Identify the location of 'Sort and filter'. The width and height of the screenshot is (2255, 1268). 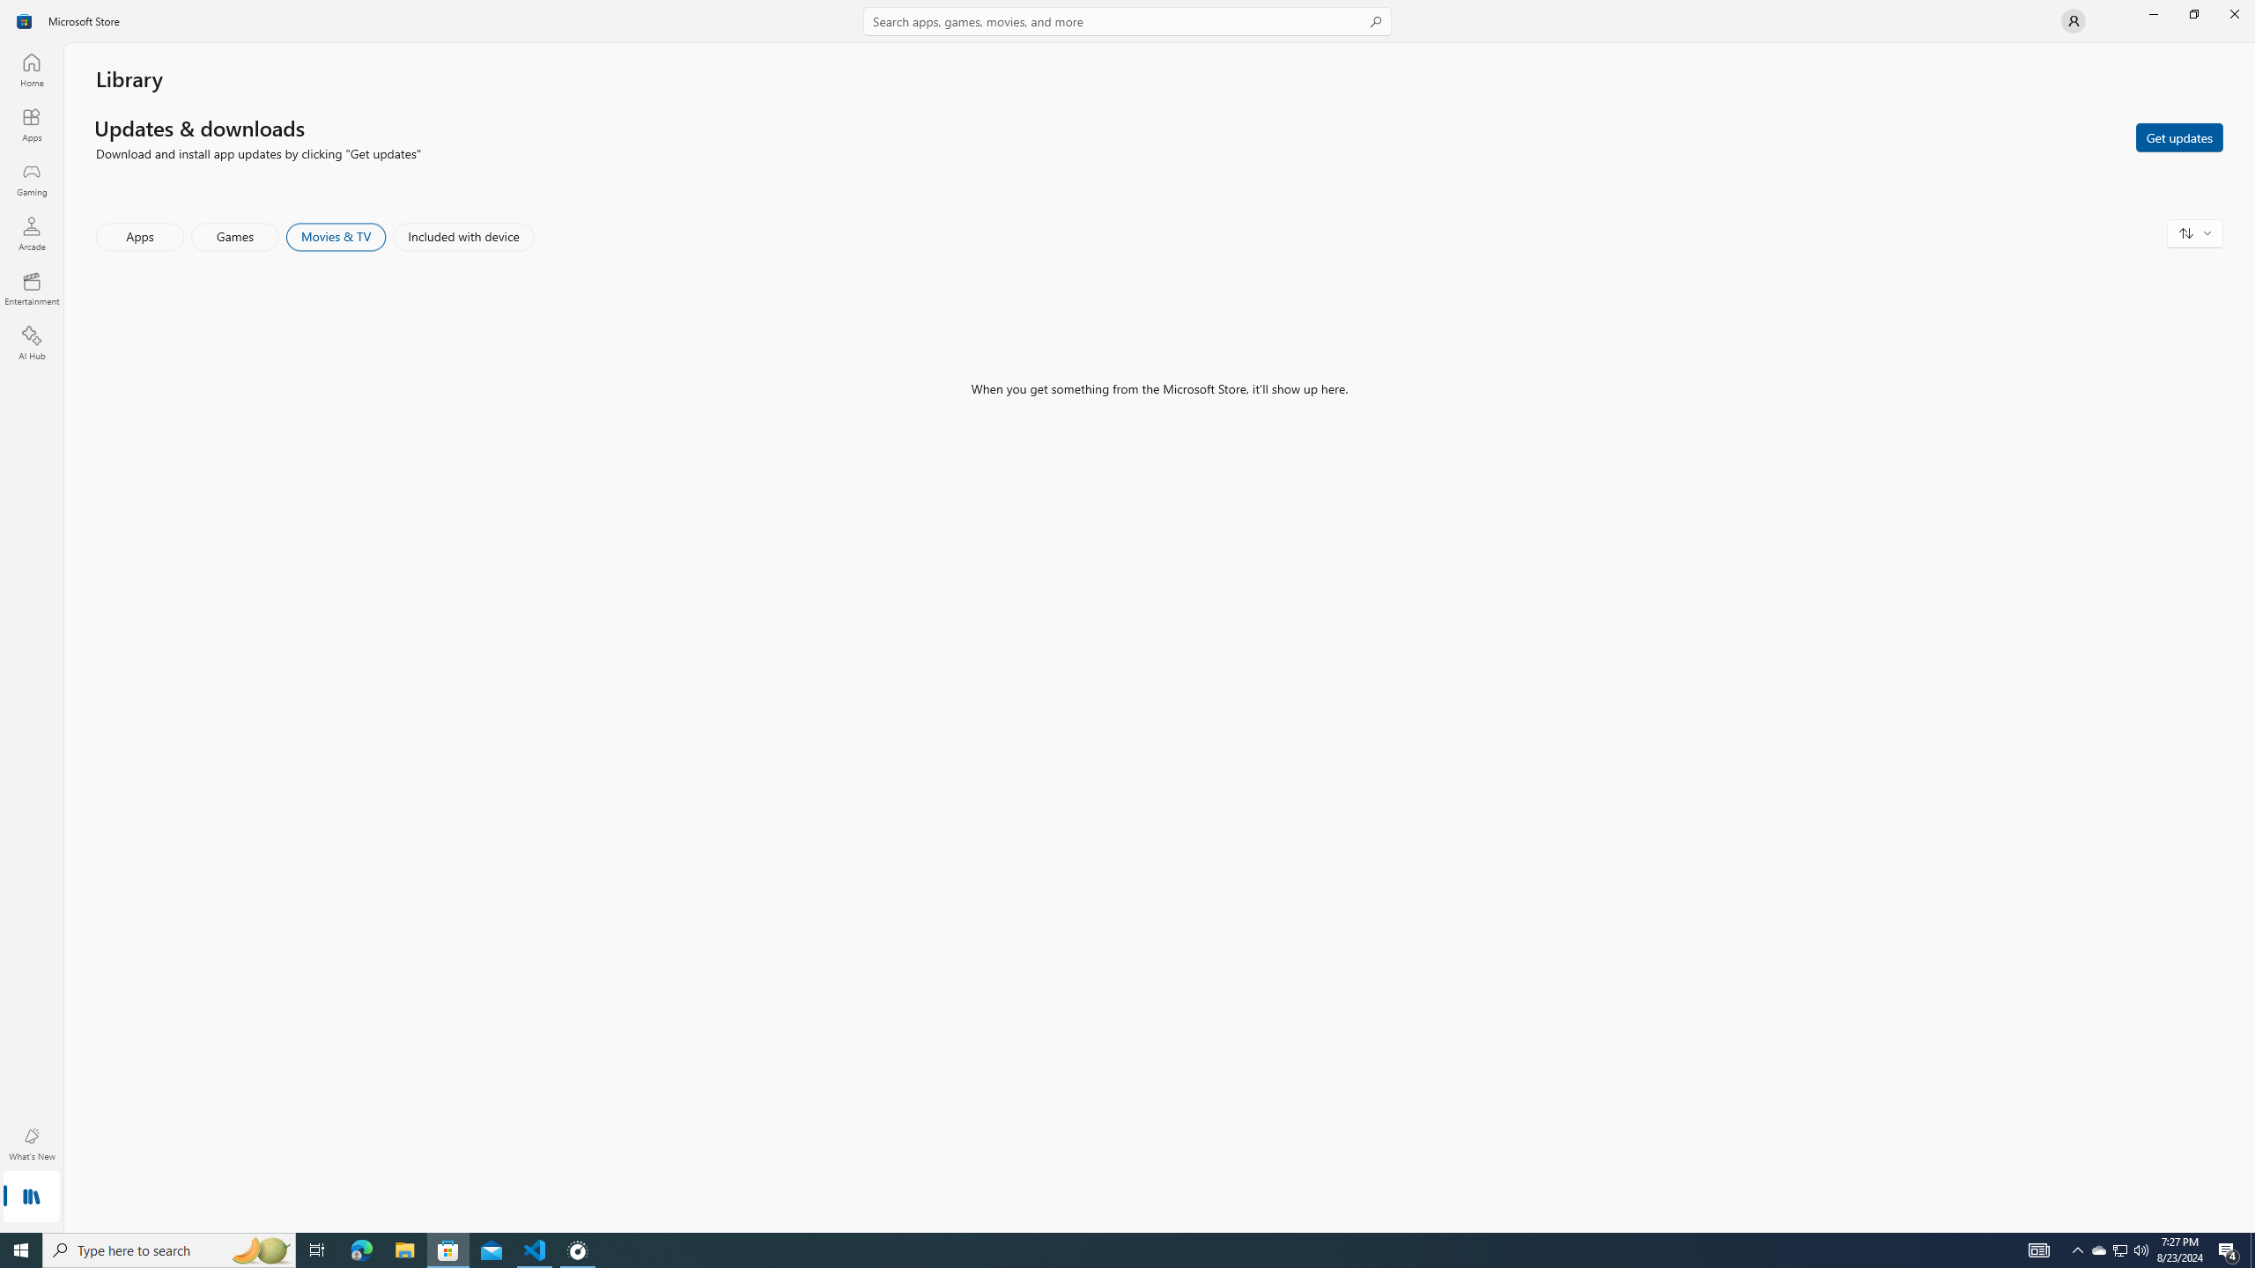
(2194, 232).